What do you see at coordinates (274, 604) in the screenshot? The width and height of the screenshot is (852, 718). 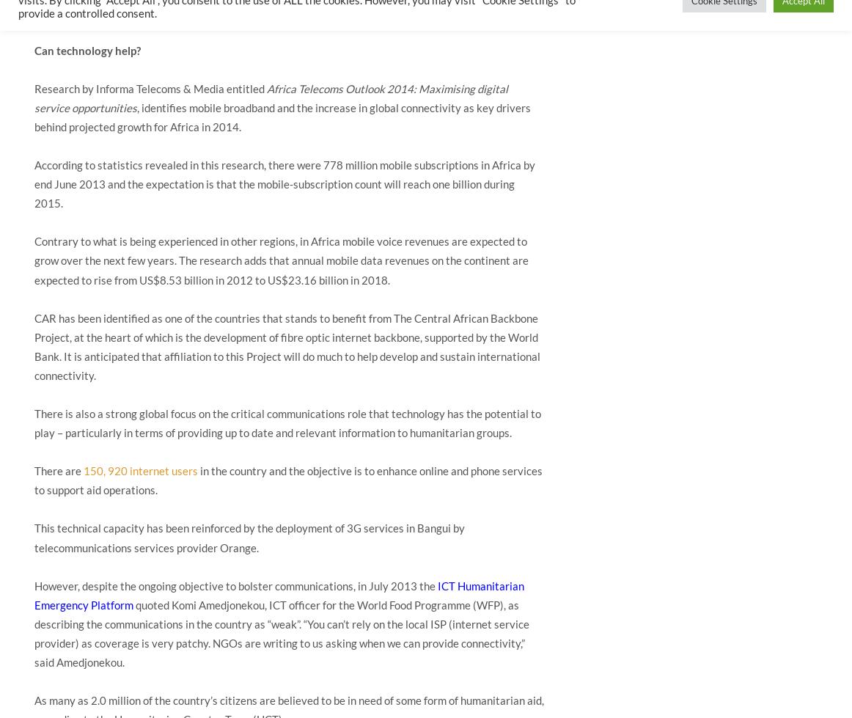 I see `'quoted Komi Amedjonekou, ICT officer for the World Food'` at bounding box center [274, 604].